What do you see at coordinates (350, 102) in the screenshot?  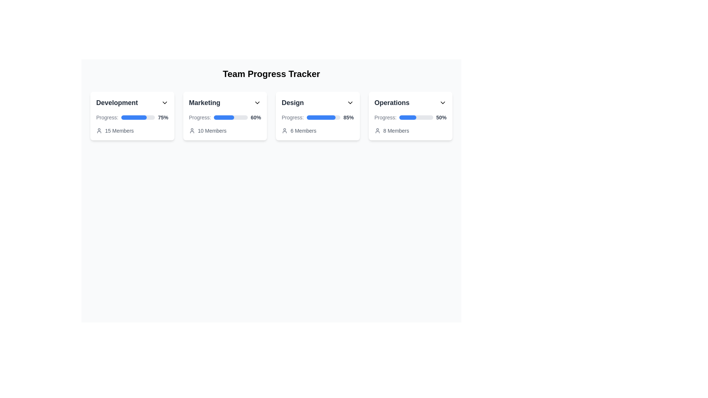 I see `the Chevron Down icon located at the far right of the 'Design' header` at bounding box center [350, 102].